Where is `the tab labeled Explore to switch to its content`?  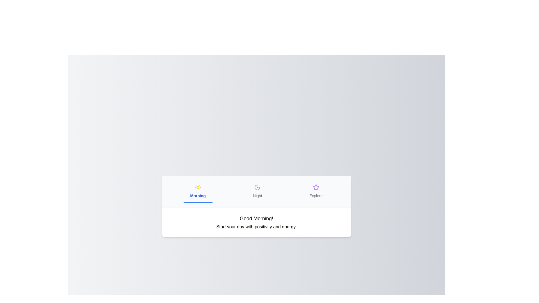
the tab labeled Explore to switch to its content is located at coordinates (316, 191).